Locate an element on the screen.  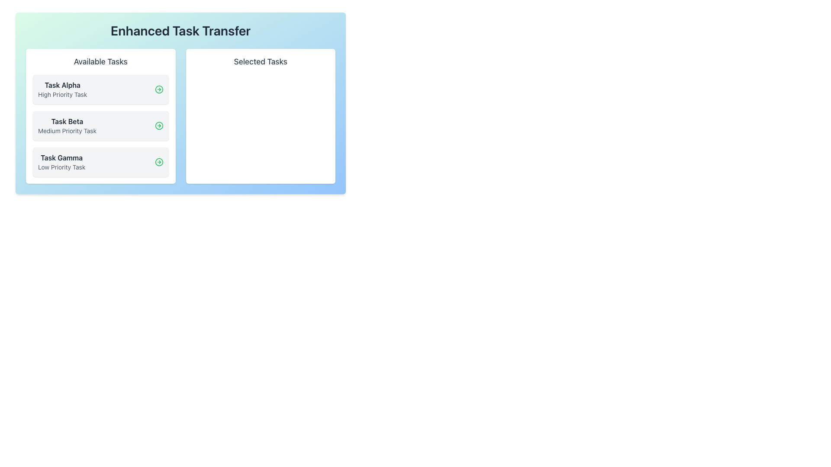
text block labeled 'Task Alpha' with the descriptor 'High Priority Task' to understand the task details is located at coordinates (62, 90).